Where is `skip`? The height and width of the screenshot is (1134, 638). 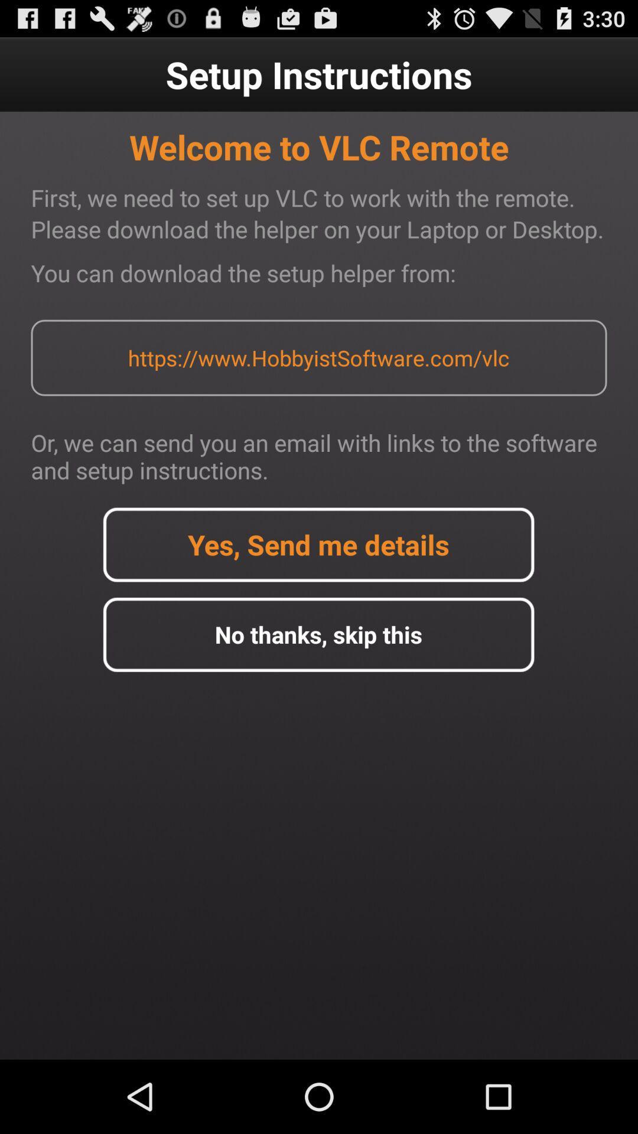 skip is located at coordinates (318, 634).